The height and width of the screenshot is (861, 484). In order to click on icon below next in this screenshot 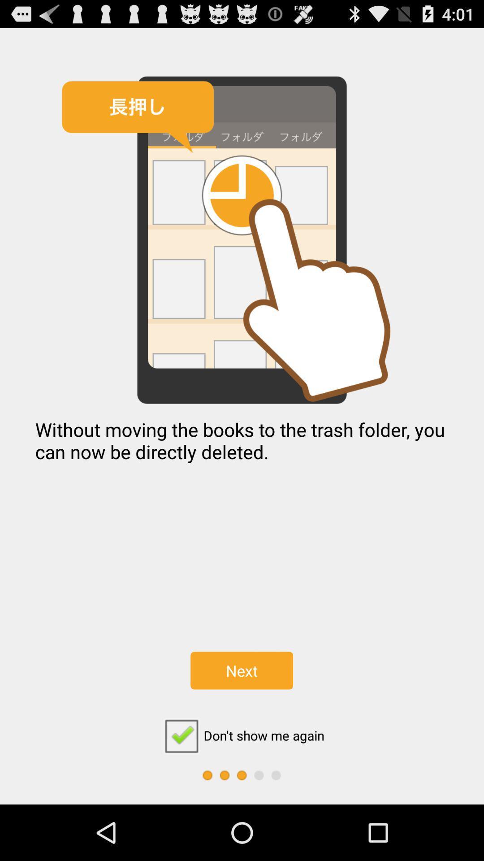, I will do `click(241, 735)`.